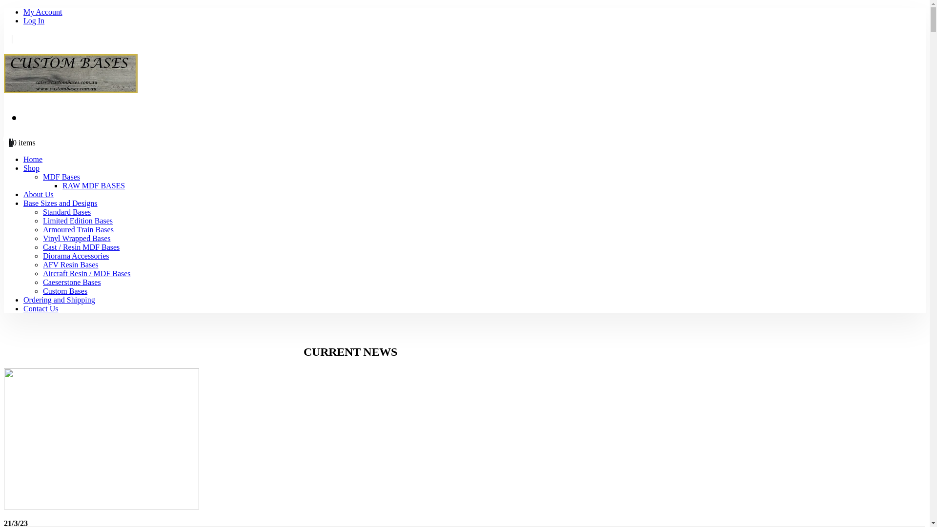  What do you see at coordinates (62, 185) in the screenshot?
I see `'RAW MDF BASES'` at bounding box center [62, 185].